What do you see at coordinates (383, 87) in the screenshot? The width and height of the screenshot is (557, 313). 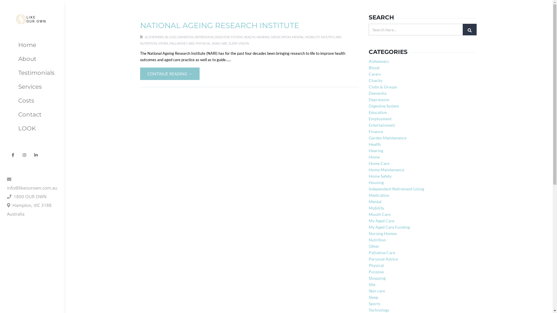 I see `'Clubs & Groups'` at bounding box center [383, 87].